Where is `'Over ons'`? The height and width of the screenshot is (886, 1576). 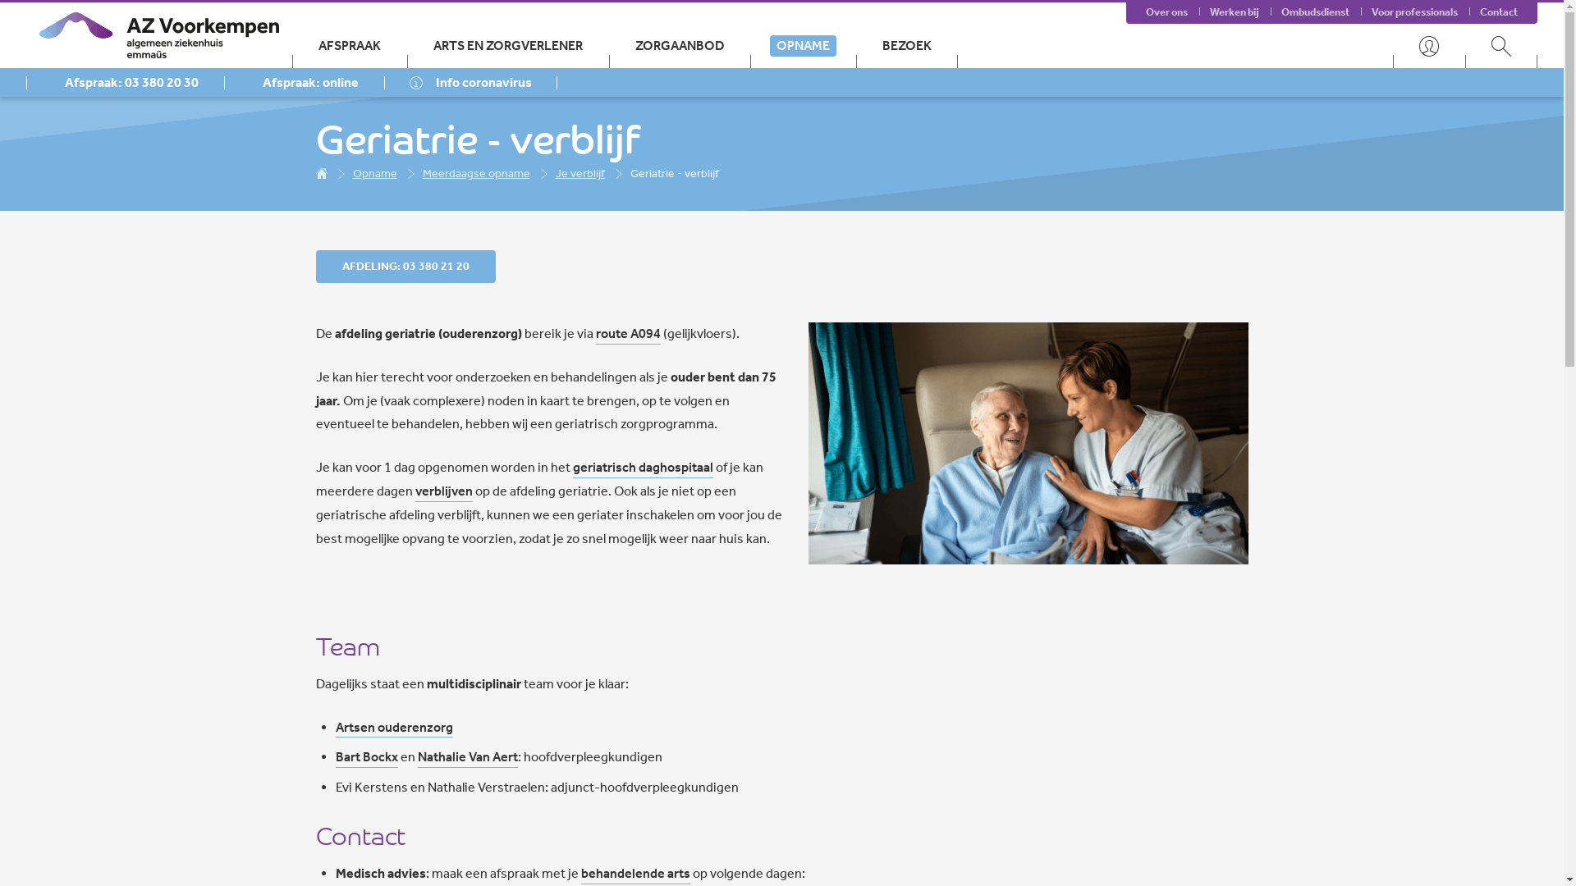
'Over ons' is located at coordinates (1166, 11).